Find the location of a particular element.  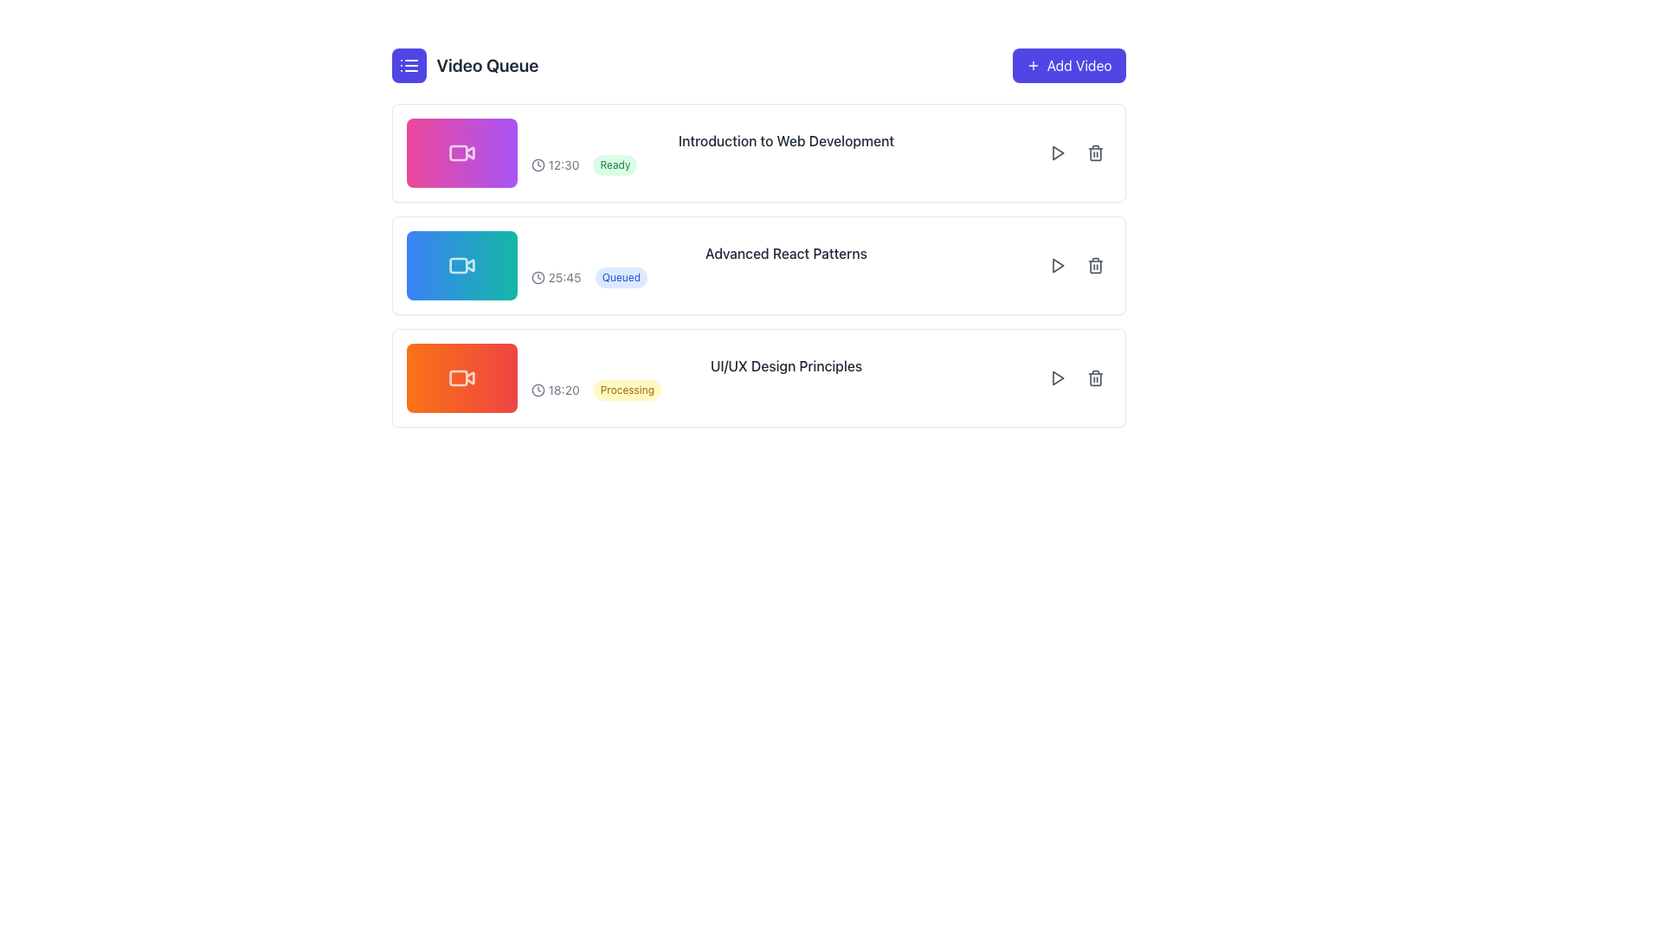

the delete action button for the 'UI/UX Design Principles' video entry is located at coordinates (1094, 377).